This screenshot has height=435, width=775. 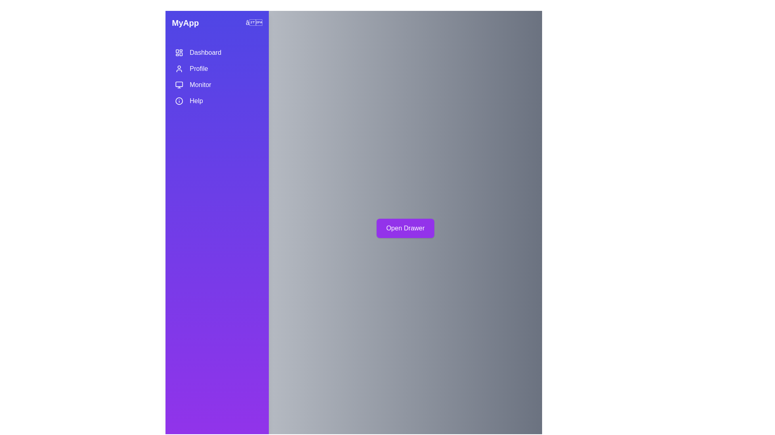 What do you see at coordinates (217, 100) in the screenshot?
I see `the menu item Help by clicking on it` at bounding box center [217, 100].